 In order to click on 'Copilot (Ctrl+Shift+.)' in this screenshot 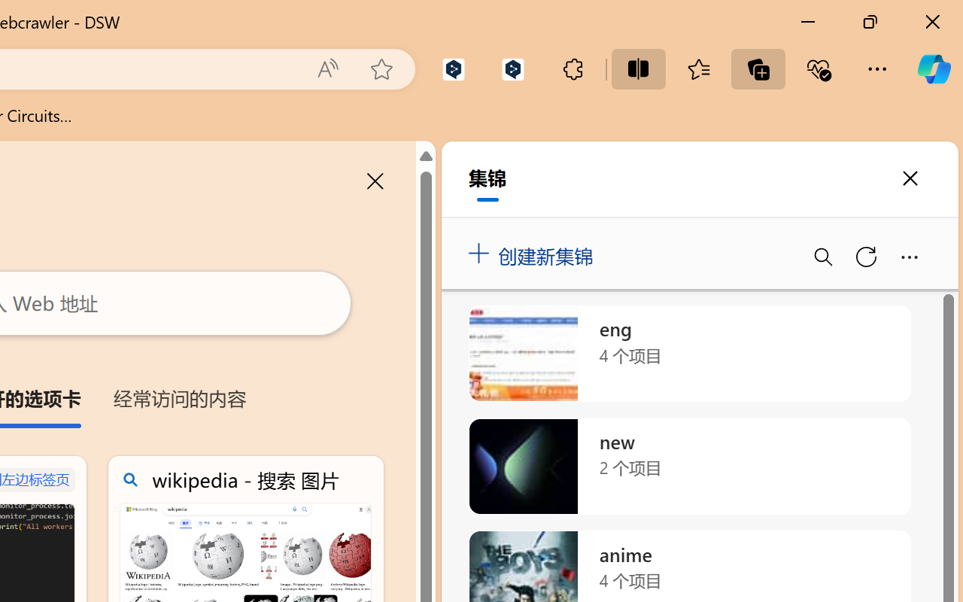, I will do `click(933, 68)`.